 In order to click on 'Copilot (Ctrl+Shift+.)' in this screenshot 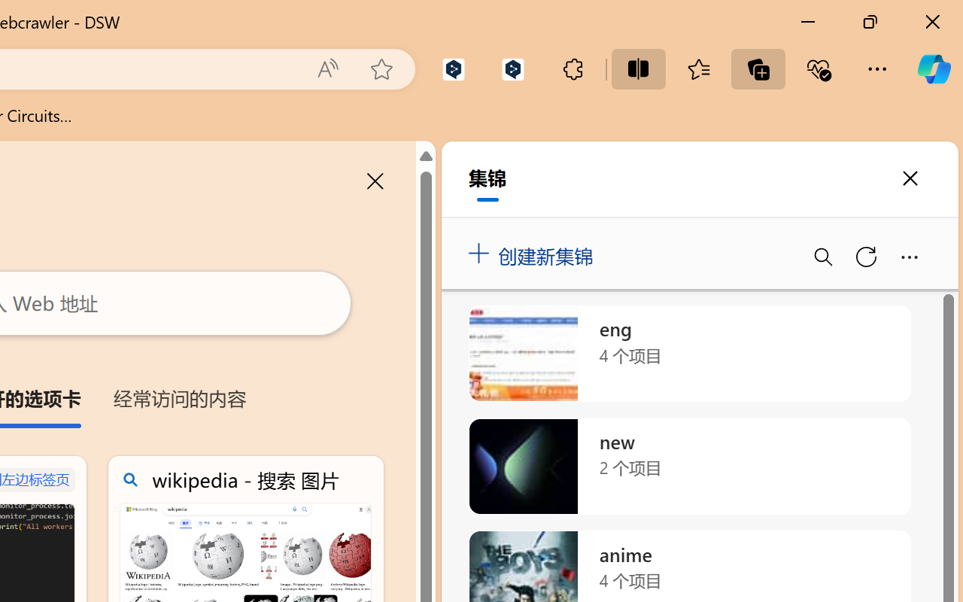, I will do `click(933, 68)`.